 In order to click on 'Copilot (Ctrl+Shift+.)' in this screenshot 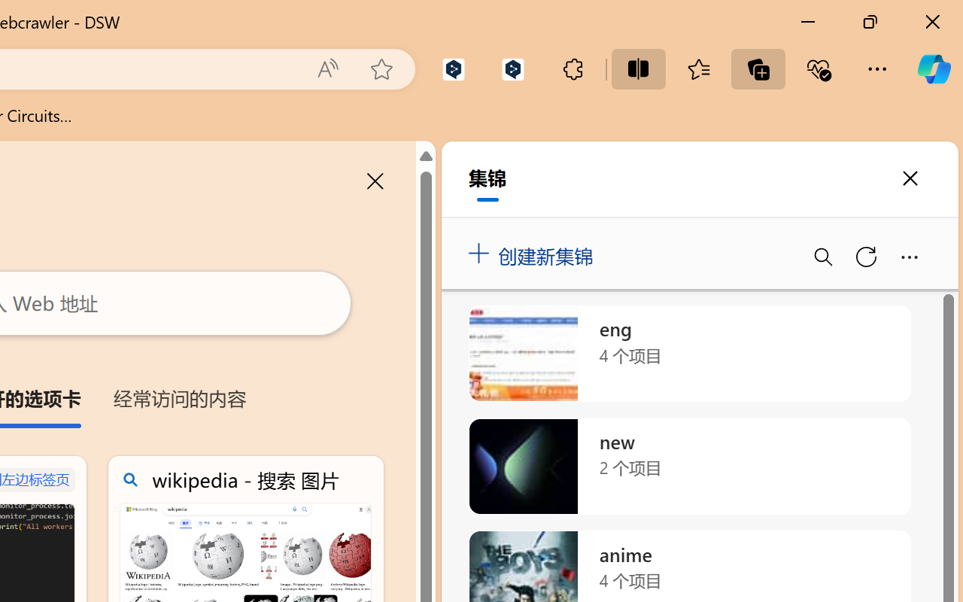, I will do `click(933, 68)`.